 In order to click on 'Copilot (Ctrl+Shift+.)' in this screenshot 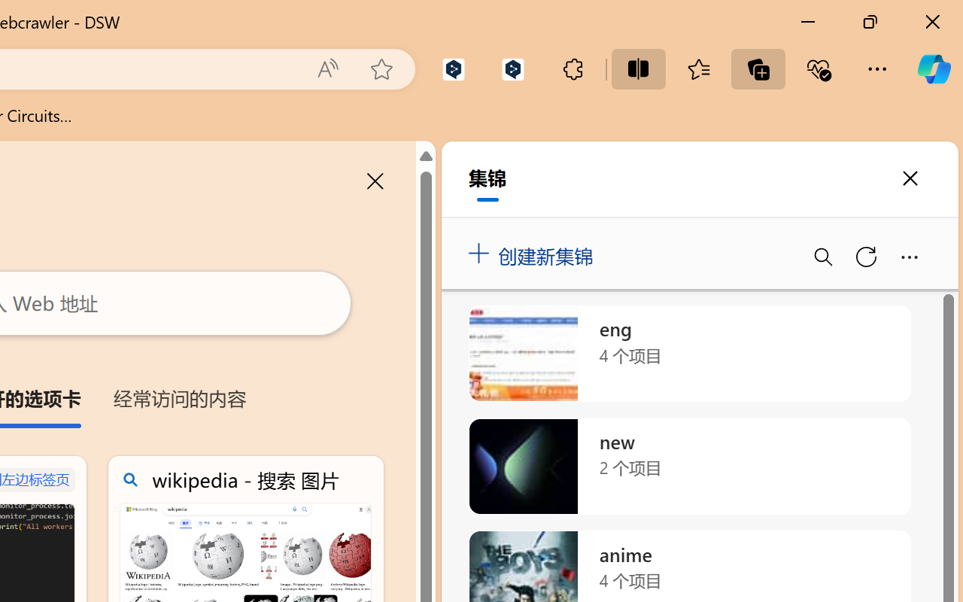, I will do `click(933, 68)`.